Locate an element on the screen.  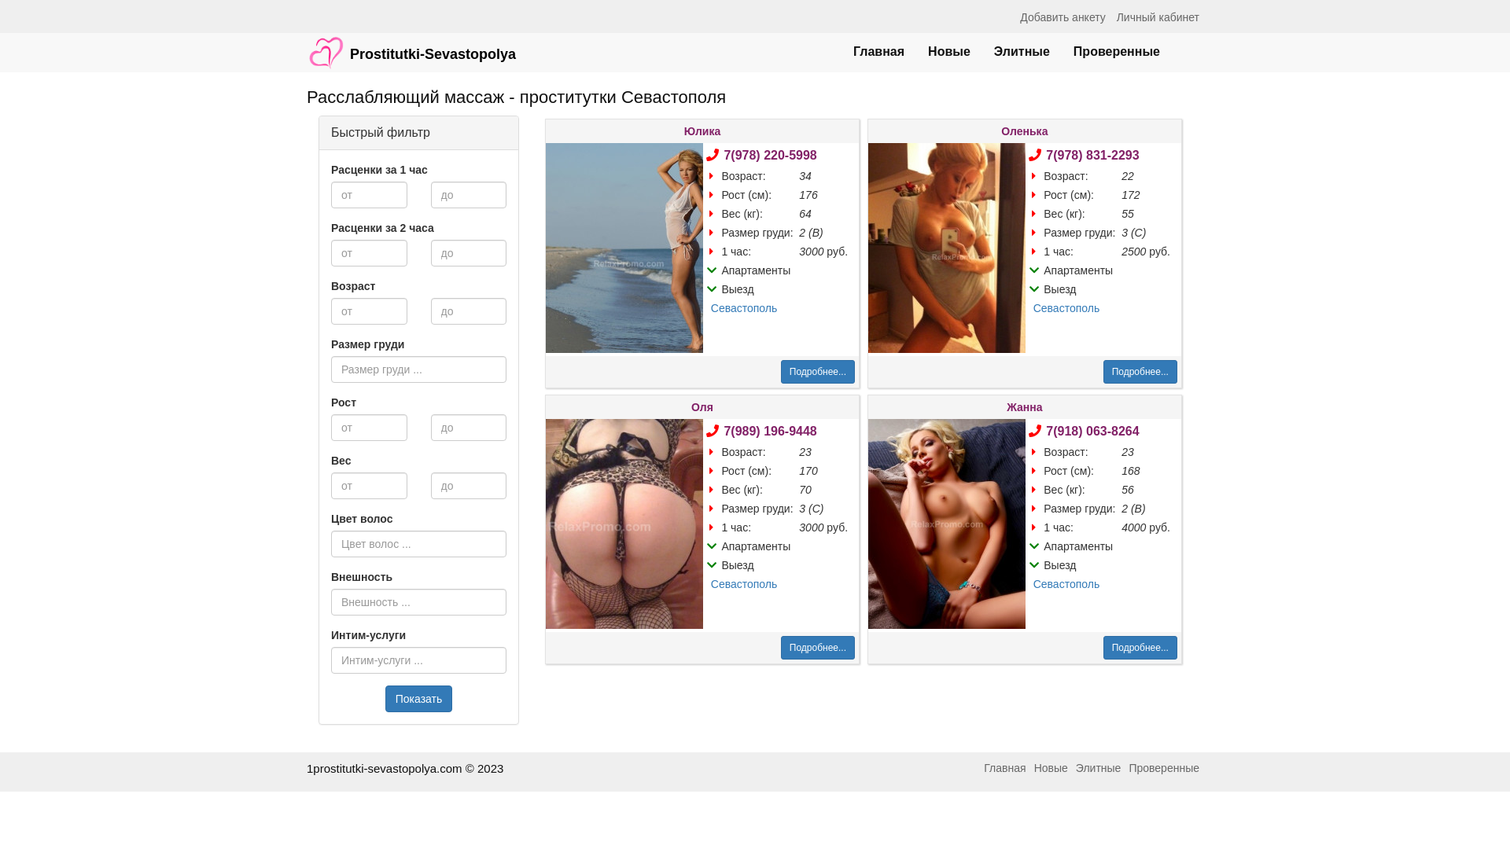
'Prostitutki-Sevastopolya' is located at coordinates (411, 44).